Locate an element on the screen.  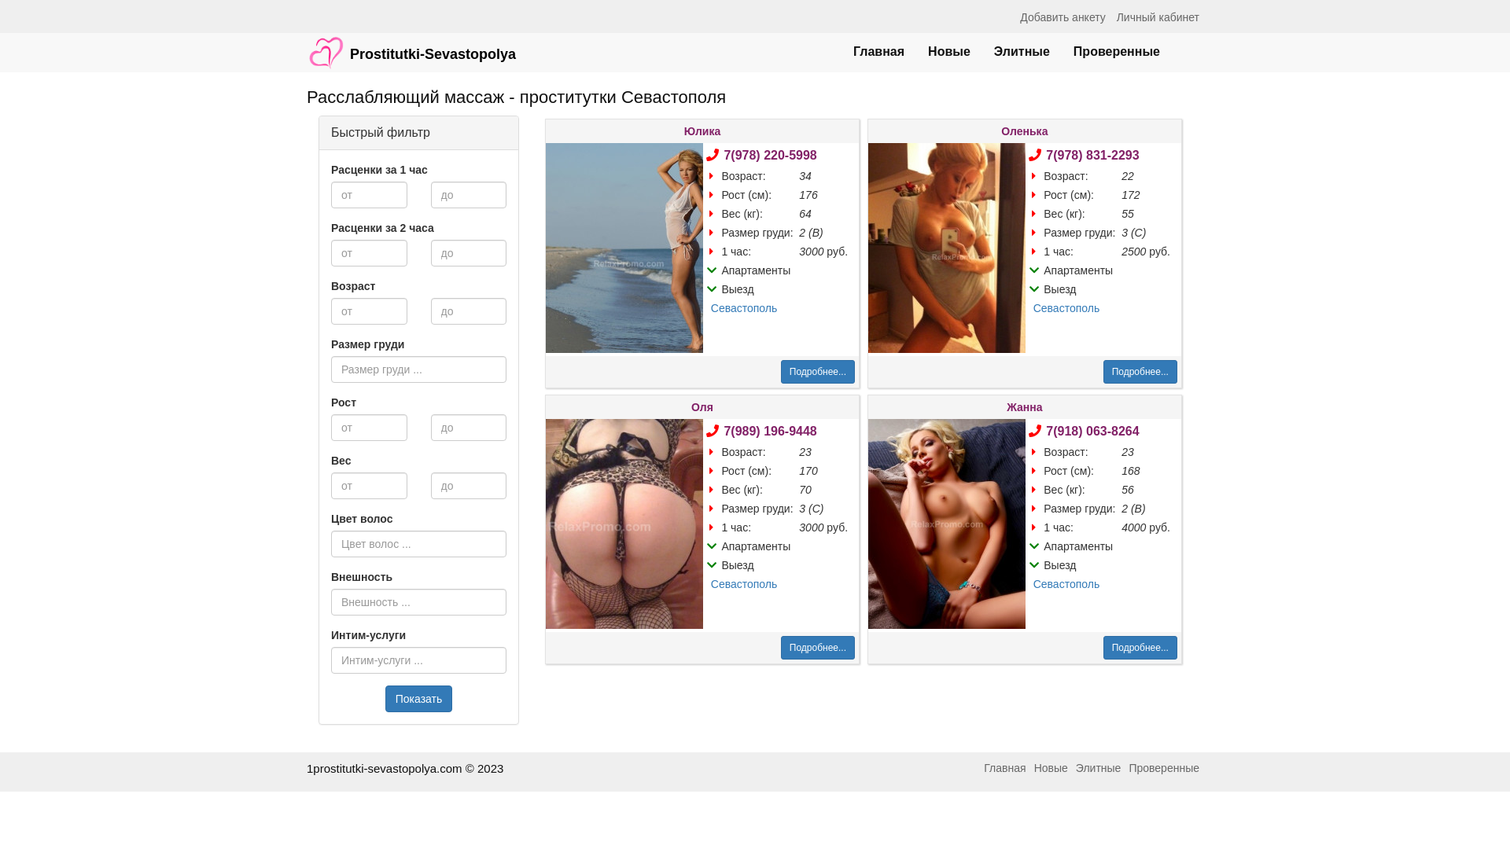
'Prostitutki-Sevastopolya' is located at coordinates (411, 44).